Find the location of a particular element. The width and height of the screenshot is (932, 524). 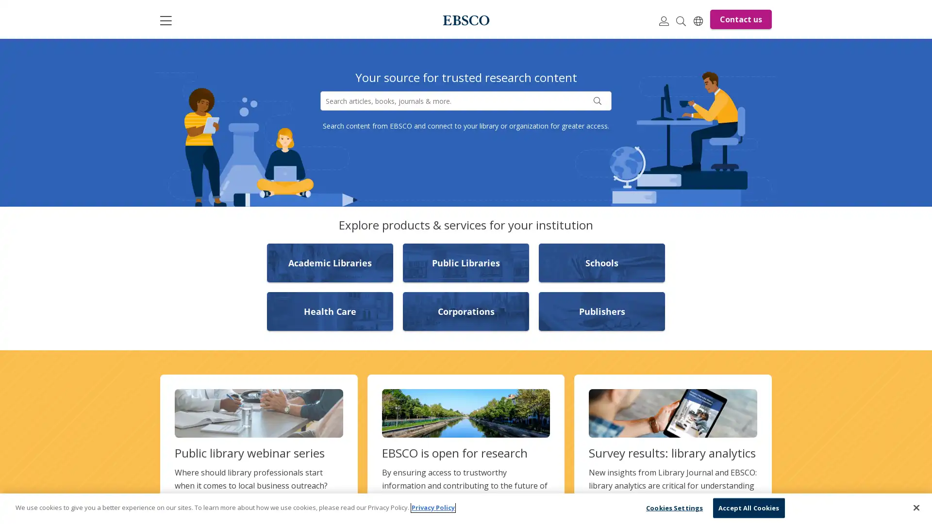

Accept All Cookies is located at coordinates (748, 507).